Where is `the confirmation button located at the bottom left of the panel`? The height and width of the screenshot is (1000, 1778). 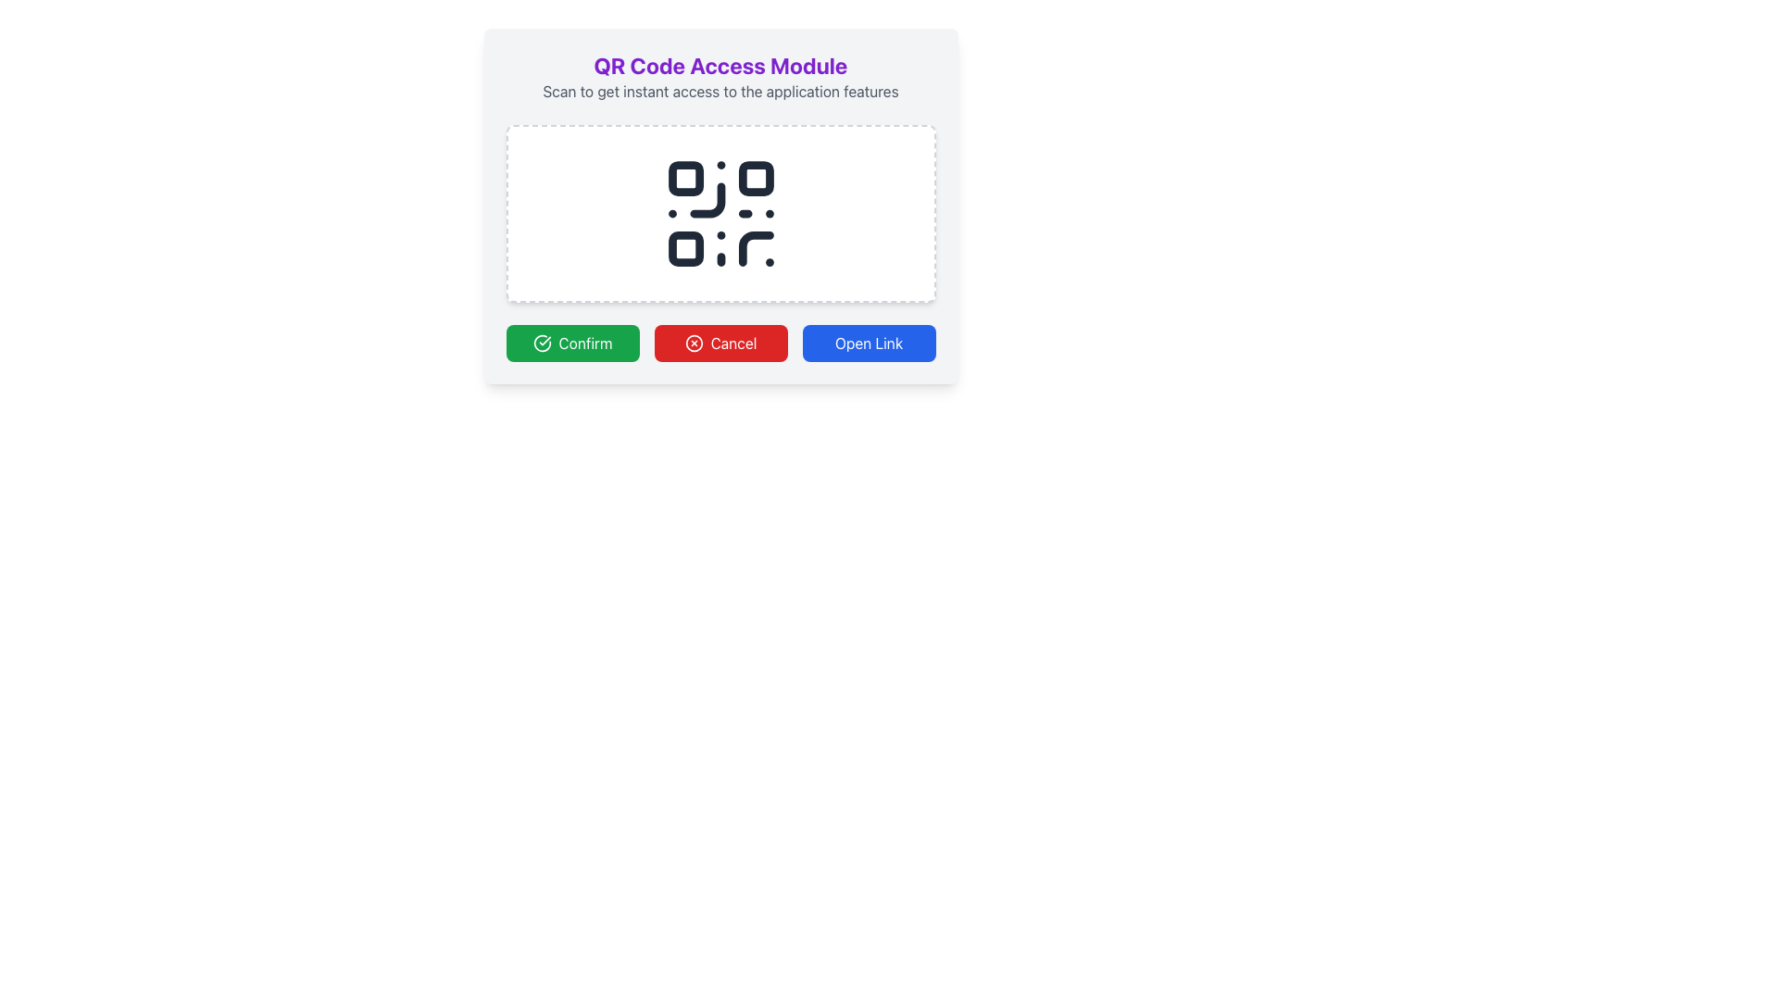 the confirmation button located at the bottom left of the panel is located at coordinates (571, 343).